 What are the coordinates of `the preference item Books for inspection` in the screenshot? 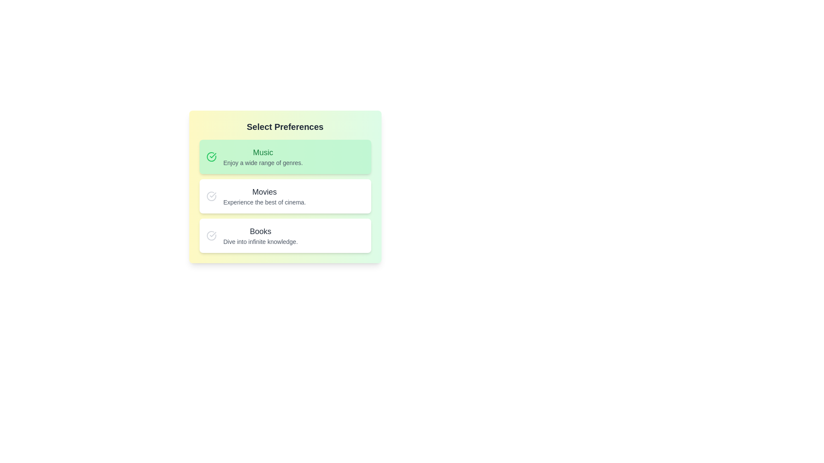 It's located at (285, 236).